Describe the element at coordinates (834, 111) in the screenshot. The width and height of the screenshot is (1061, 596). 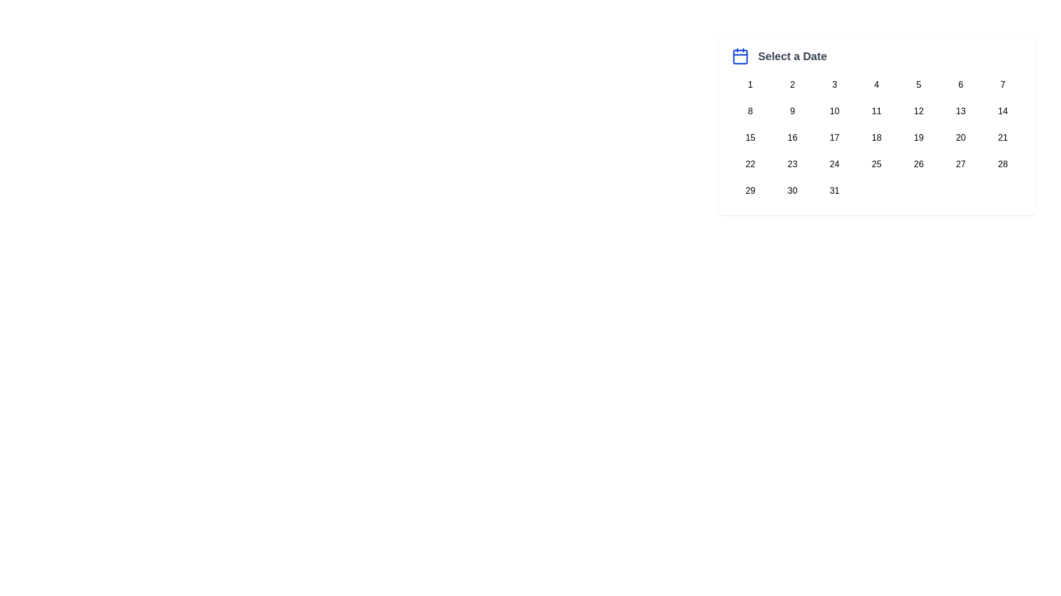
I see `the calendar cell displaying the number '10'` at that location.